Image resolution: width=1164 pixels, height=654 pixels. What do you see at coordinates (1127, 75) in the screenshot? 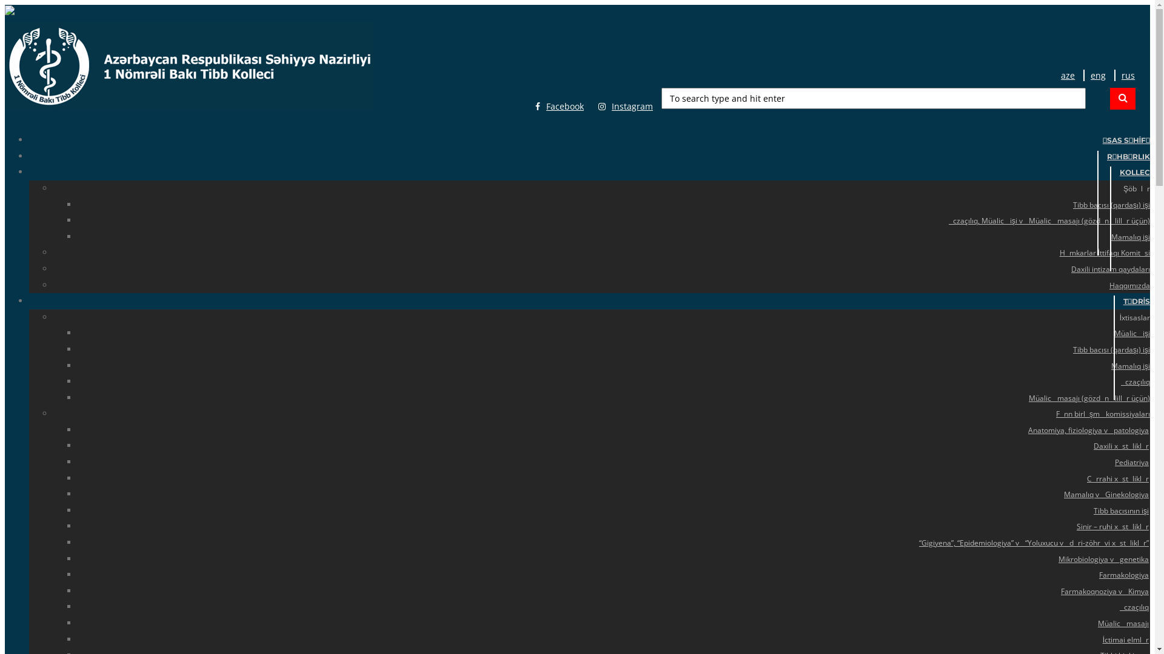
I see `'rus'` at bounding box center [1127, 75].